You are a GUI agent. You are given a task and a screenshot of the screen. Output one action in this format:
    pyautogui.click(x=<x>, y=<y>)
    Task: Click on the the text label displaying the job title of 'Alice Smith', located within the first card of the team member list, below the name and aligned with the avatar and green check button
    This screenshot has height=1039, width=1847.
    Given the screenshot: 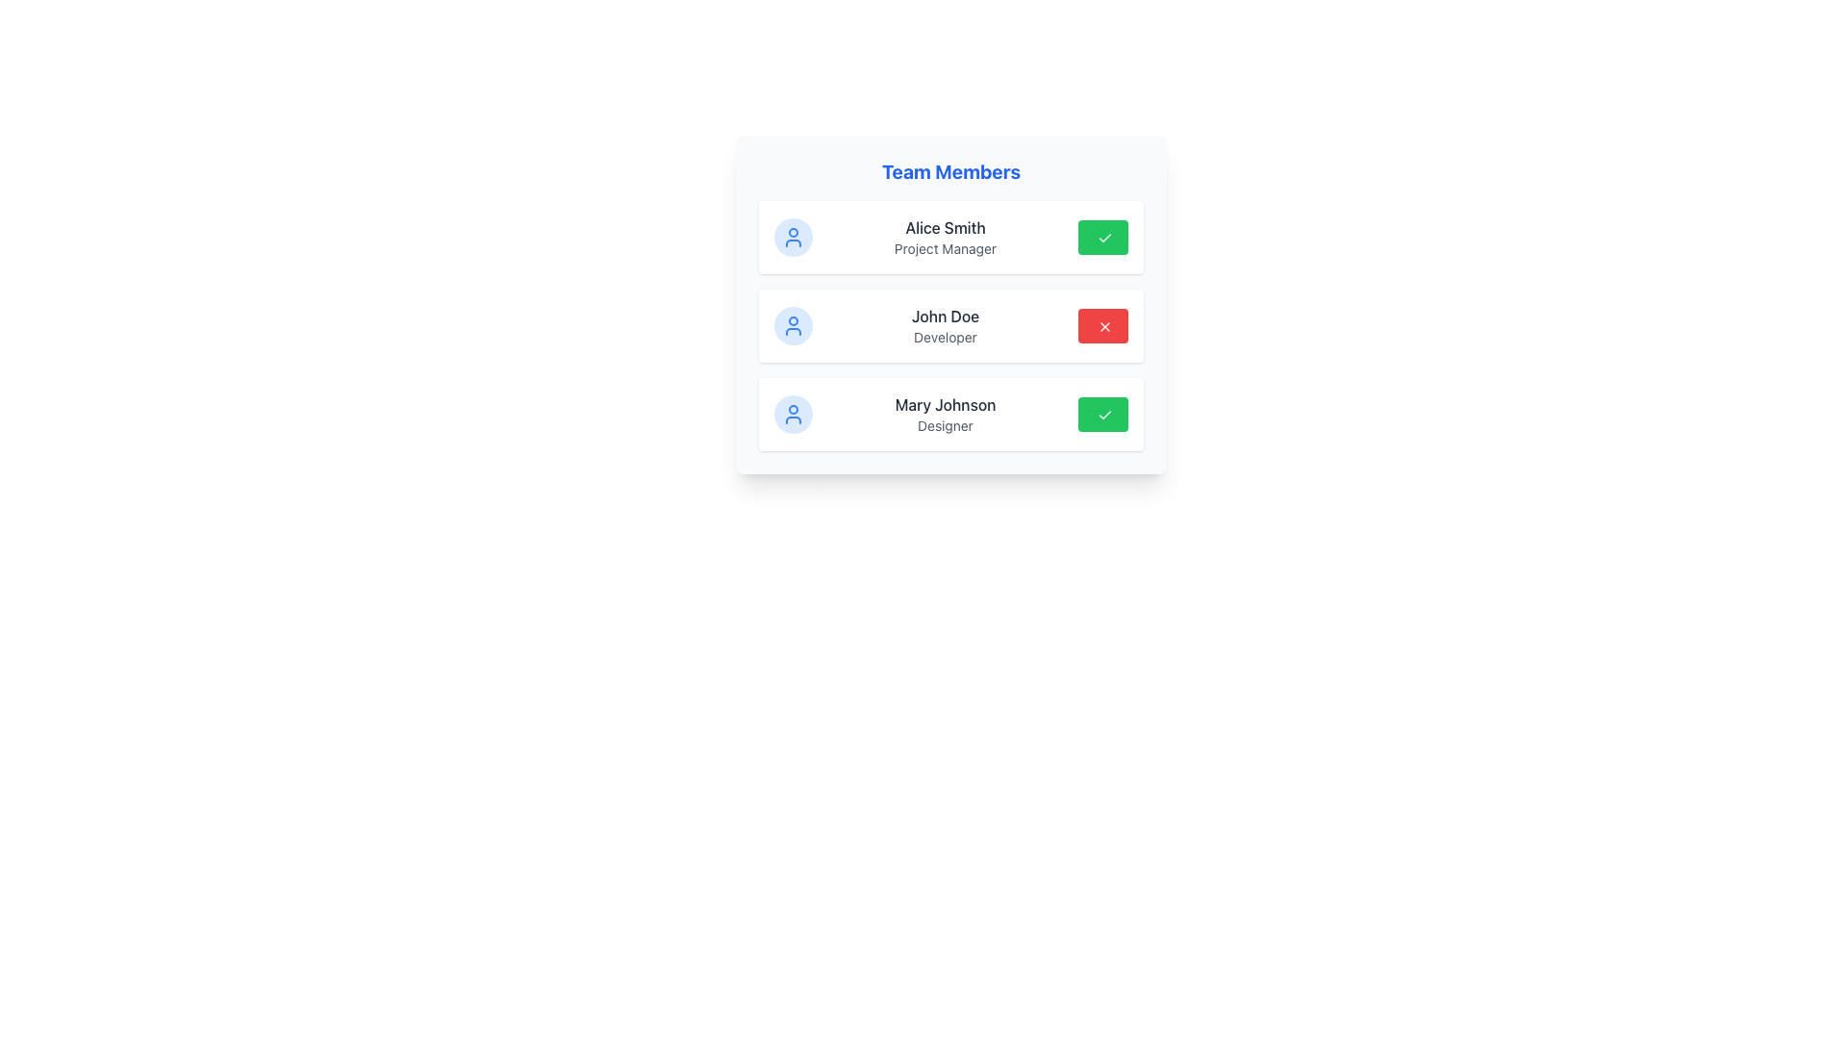 What is the action you would take?
    pyautogui.click(x=946, y=247)
    